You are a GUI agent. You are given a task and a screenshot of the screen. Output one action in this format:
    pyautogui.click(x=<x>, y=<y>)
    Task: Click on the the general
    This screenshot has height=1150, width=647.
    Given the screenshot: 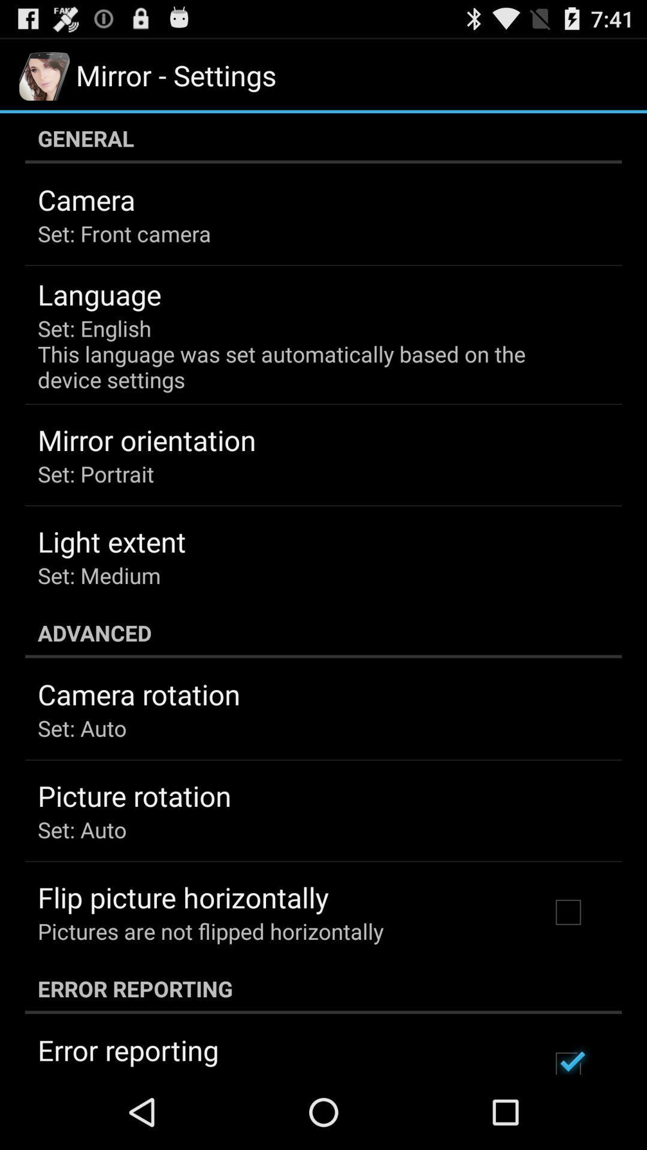 What is the action you would take?
    pyautogui.click(x=323, y=138)
    